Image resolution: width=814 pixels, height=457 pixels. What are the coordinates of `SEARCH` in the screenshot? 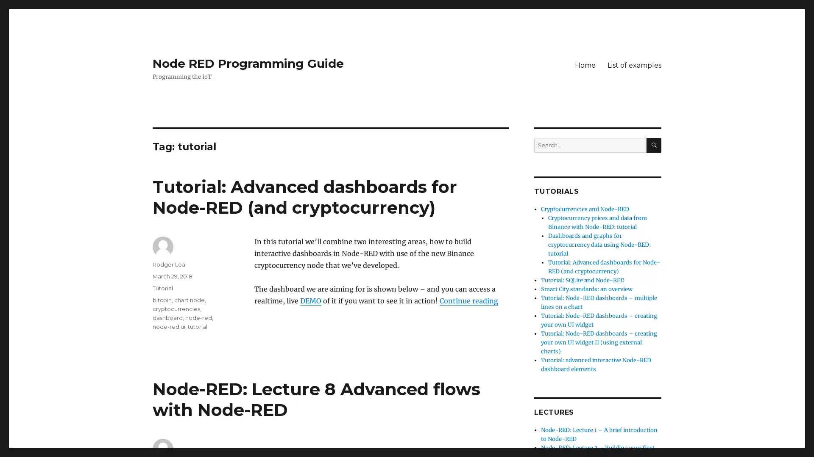 It's located at (653, 145).